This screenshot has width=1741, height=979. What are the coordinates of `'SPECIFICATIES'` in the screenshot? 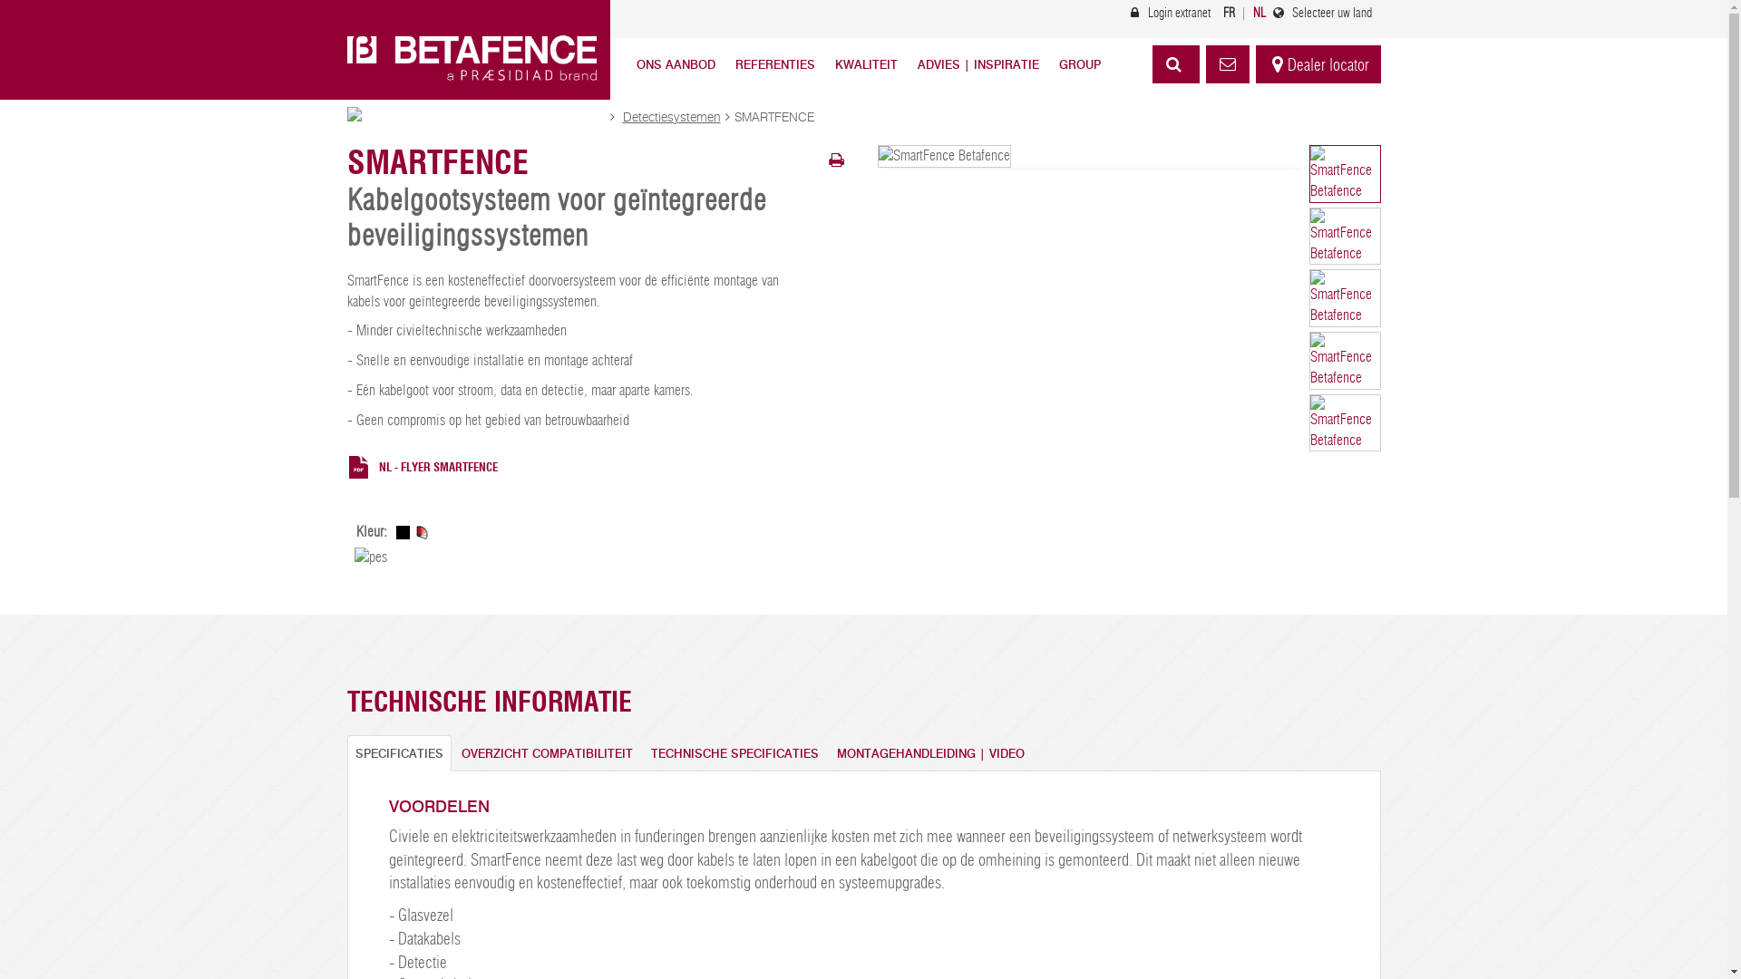 It's located at (397, 753).